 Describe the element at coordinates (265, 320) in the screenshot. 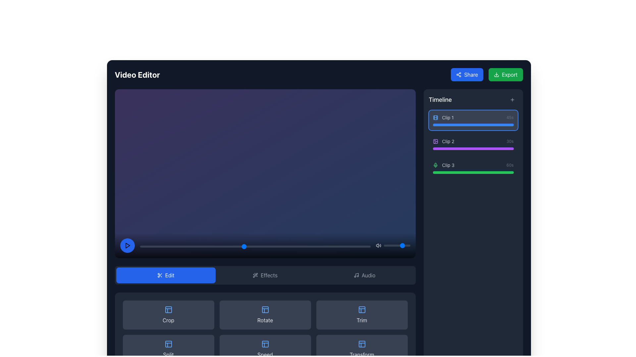

I see `the 'Rotate' text label, which is styled in gray and located within a dark button in the second row's third column` at that location.